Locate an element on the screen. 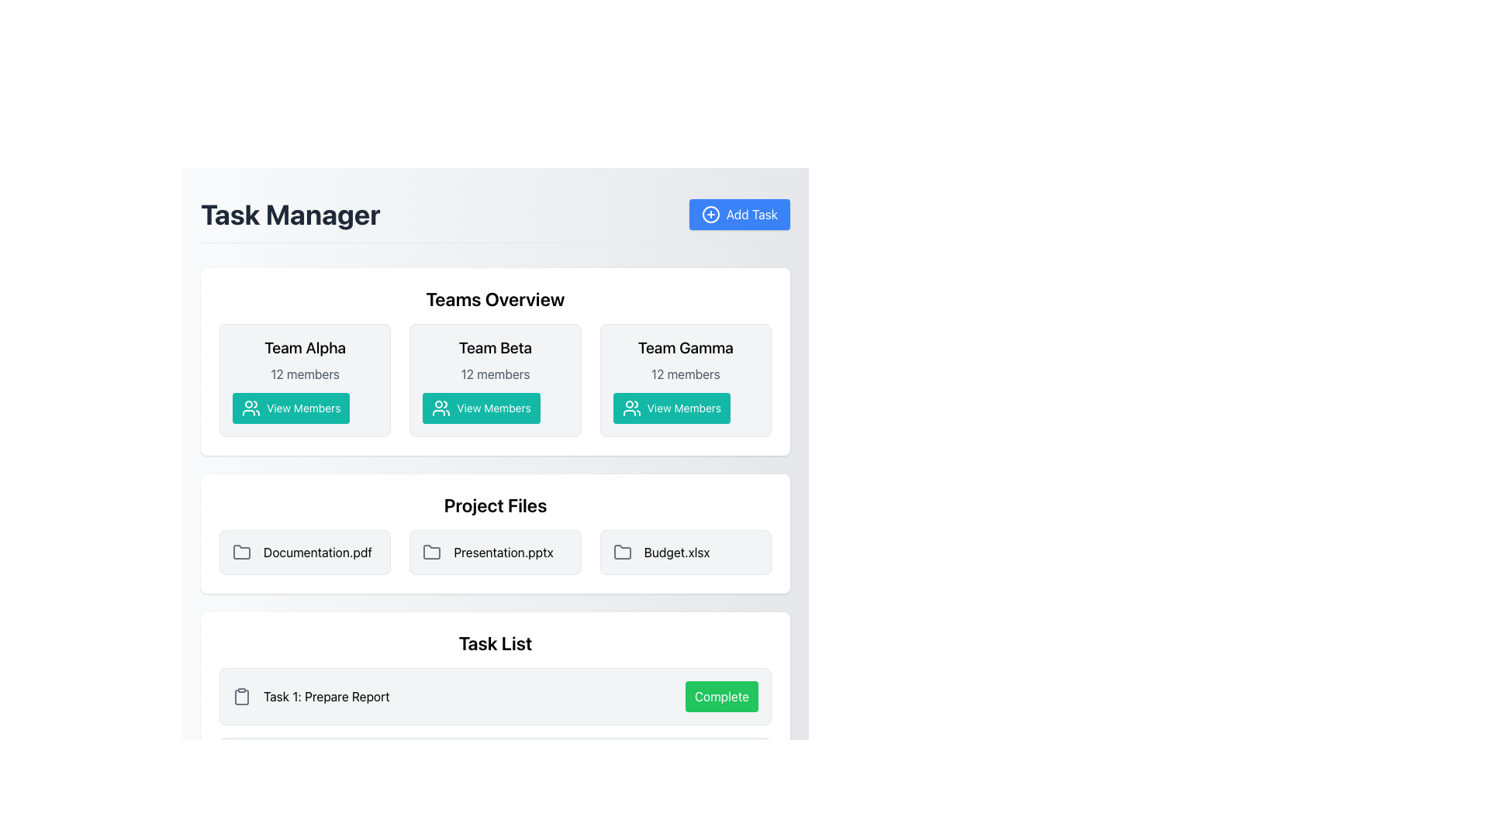  the Static Text element displaying the name of the presentation file 'Presentation.pptx' located in the 'Project Files' section between 'Documentation.pdf' and 'Budget.xlsx' is located at coordinates (503, 552).